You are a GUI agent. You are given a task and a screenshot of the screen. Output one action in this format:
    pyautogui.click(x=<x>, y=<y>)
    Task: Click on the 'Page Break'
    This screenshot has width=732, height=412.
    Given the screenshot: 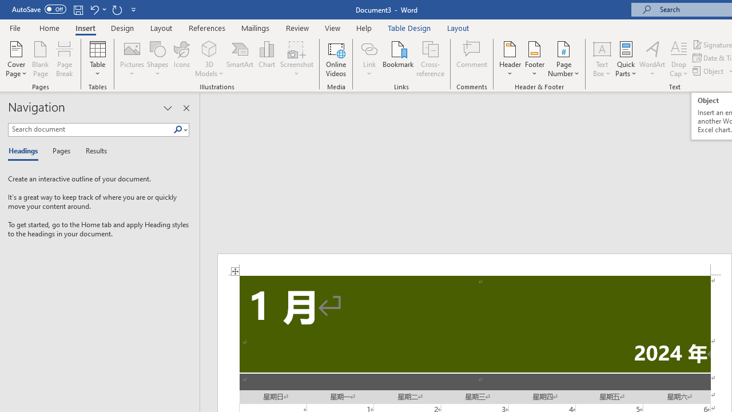 What is the action you would take?
    pyautogui.click(x=64, y=59)
    